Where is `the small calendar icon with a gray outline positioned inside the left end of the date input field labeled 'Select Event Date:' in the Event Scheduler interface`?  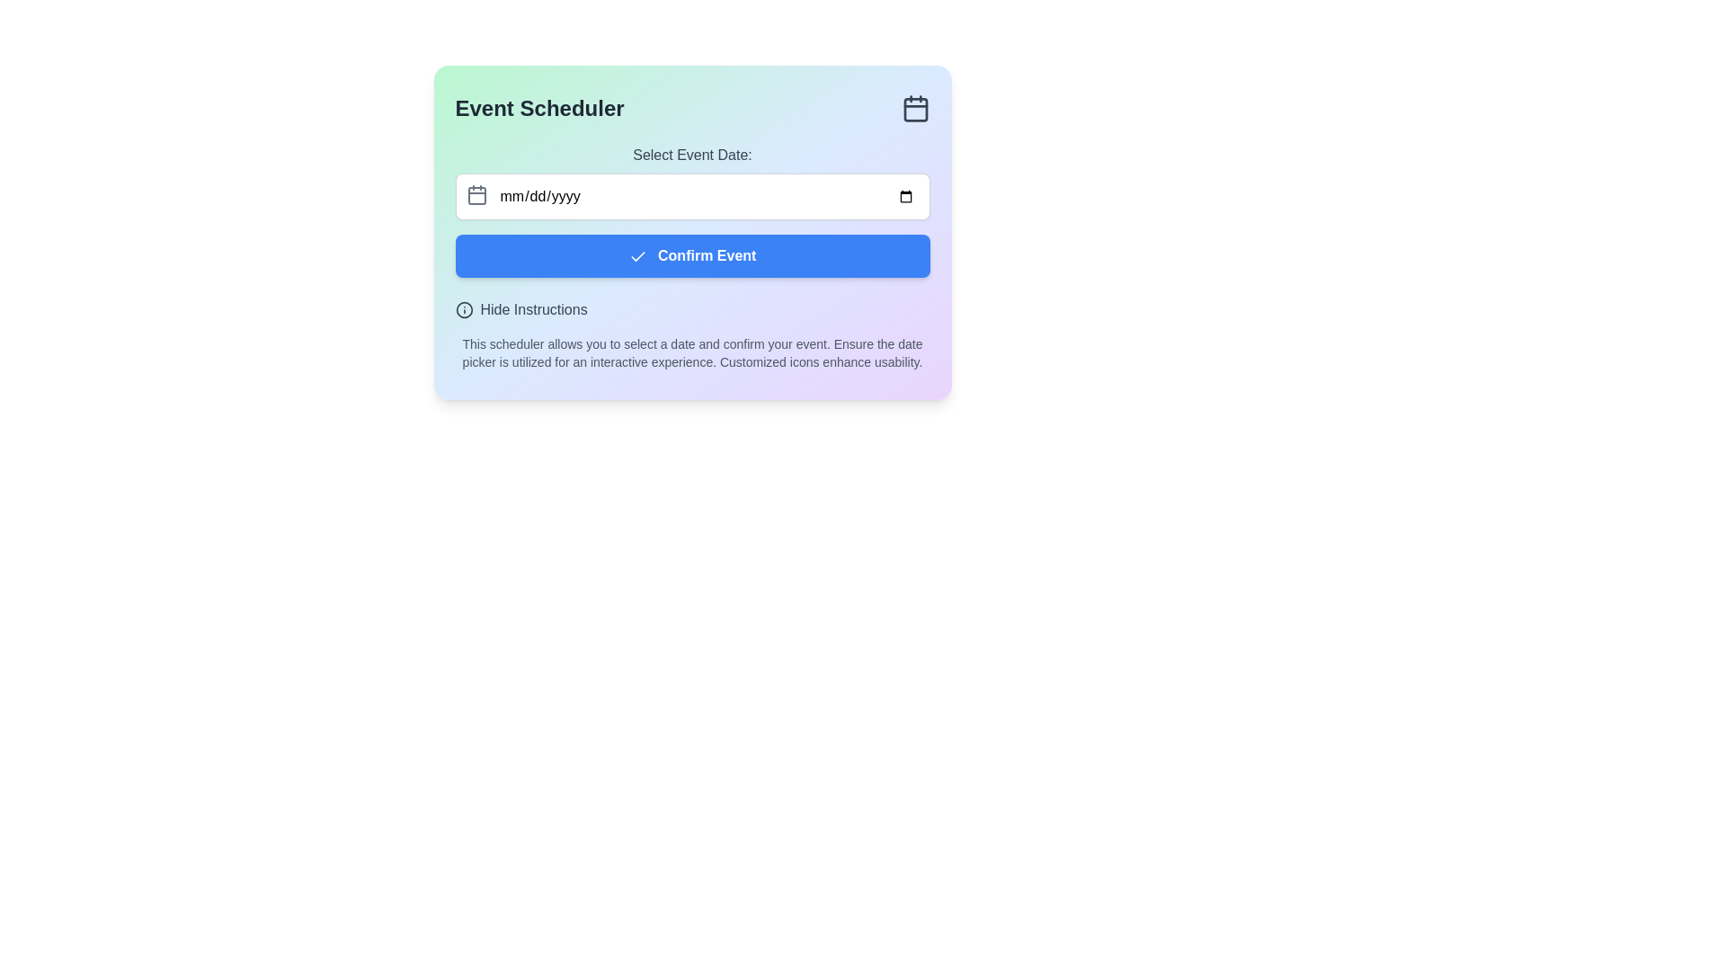
the small calendar icon with a gray outline positioned inside the left end of the date input field labeled 'Select Event Date:' in the Event Scheduler interface is located at coordinates (476, 194).